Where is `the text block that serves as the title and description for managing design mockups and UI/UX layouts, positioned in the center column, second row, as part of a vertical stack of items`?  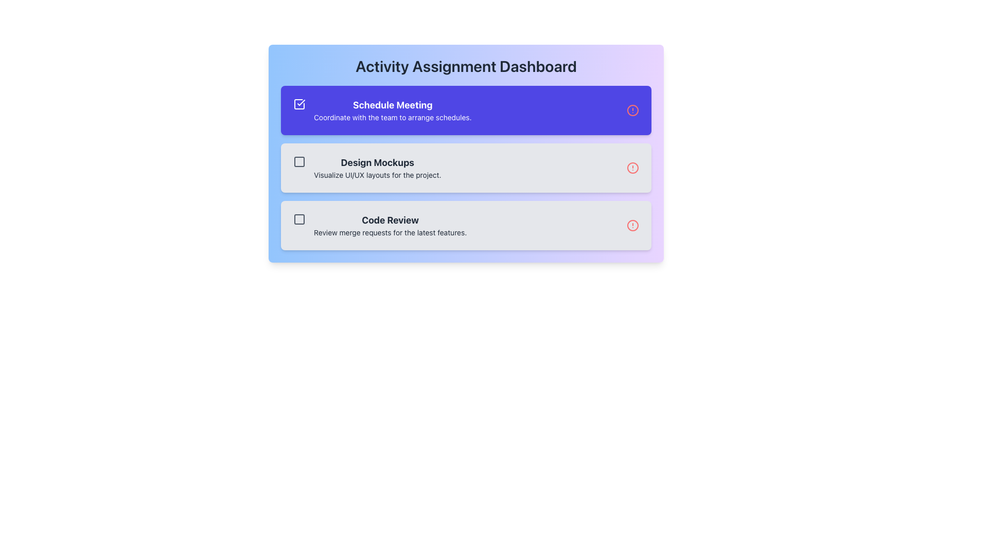 the text block that serves as the title and description for managing design mockups and UI/UX layouts, positioned in the center column, second row, as part of a vertical stack of items is located at coordinates (377, 168).